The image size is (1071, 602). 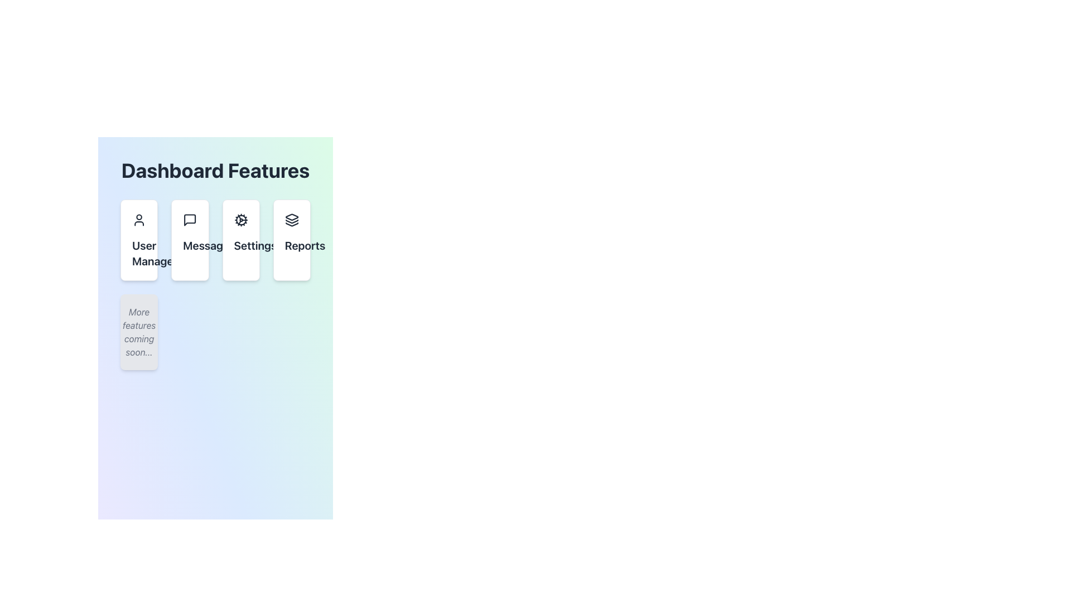 What do you see at coordinates (190, 220) in the screenshot?
I see `the speech bubble icon located at the top-center of the 'Messages' card on the Dashboard Features section` at bounding box center [190, 220].